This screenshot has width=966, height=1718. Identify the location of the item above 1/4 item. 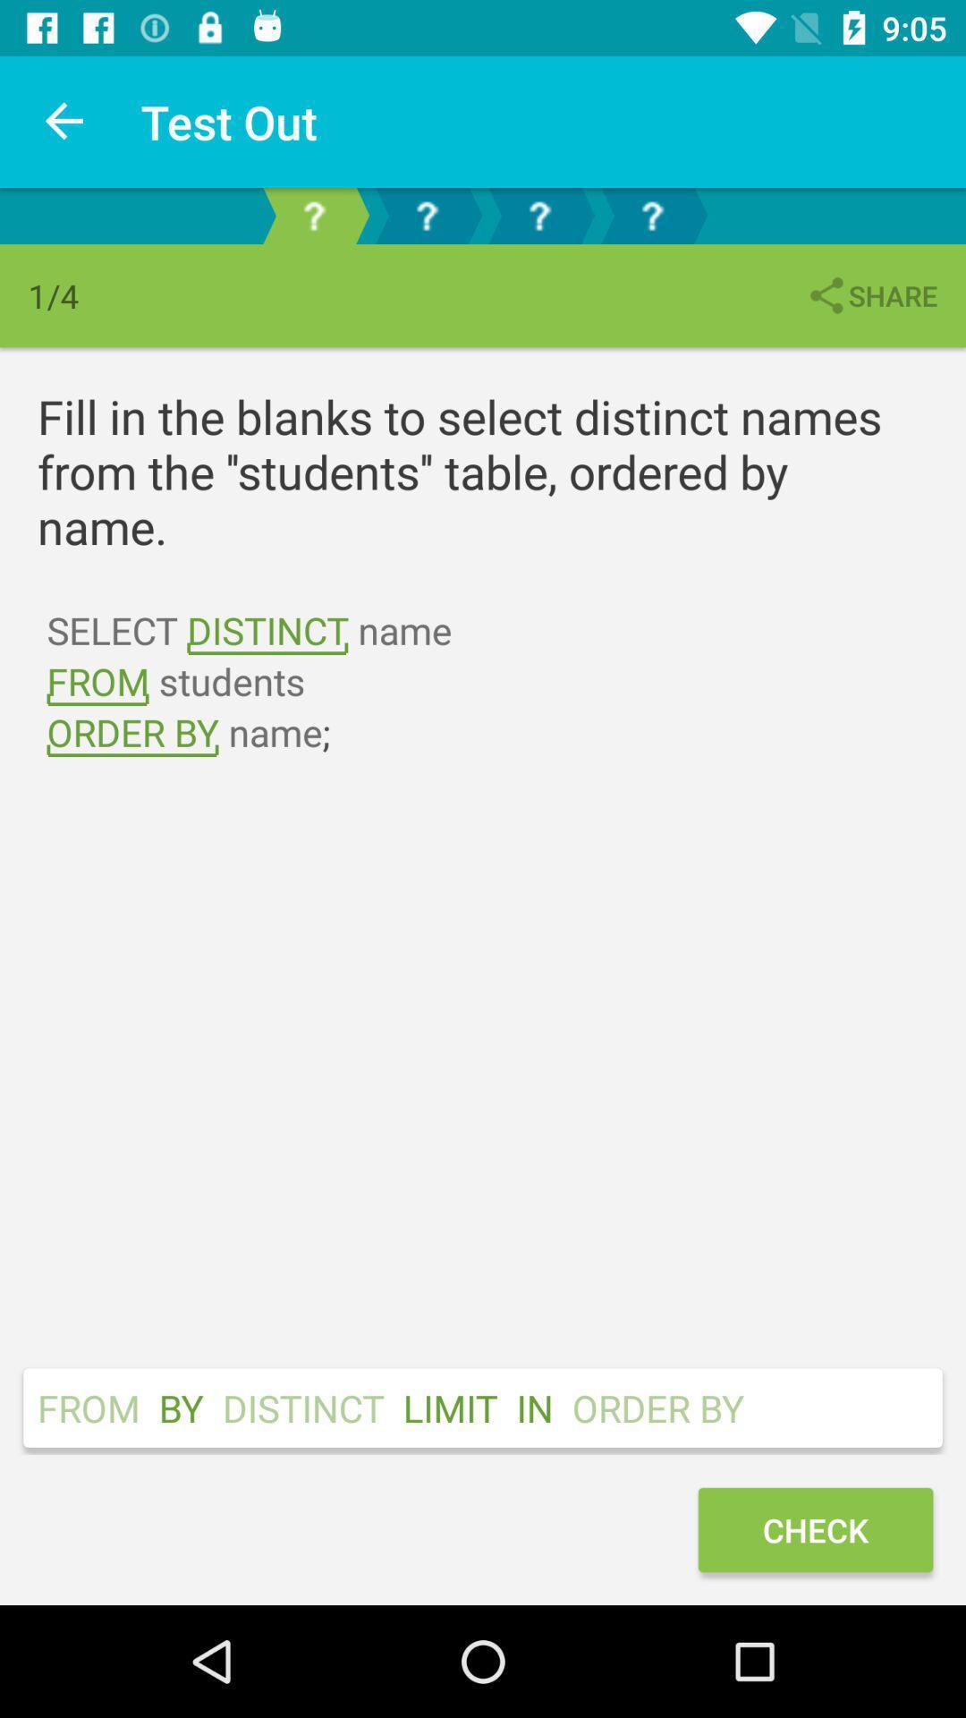
(64, 121).